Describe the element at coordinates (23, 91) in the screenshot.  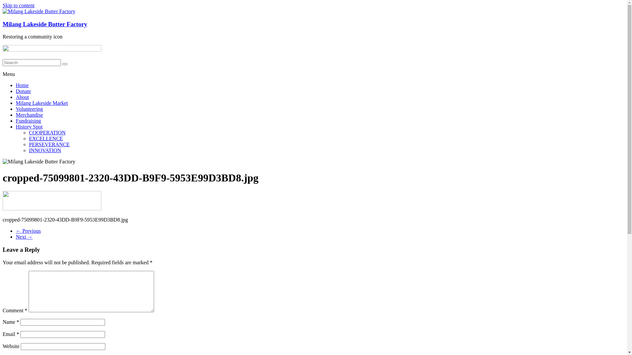
I see `'Donate'` at that location.